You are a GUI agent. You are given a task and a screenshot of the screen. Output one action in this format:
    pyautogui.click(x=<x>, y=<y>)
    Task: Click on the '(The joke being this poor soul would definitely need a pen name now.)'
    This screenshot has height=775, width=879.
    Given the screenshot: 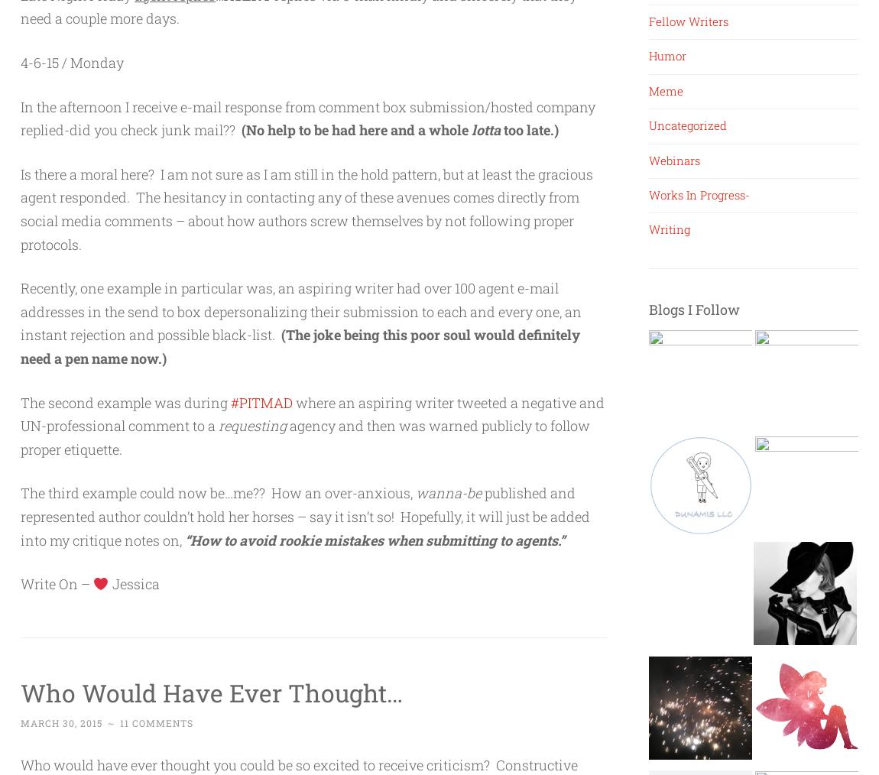 What is the action you would take?
    pyautogui.click(x=300, y=346)
    